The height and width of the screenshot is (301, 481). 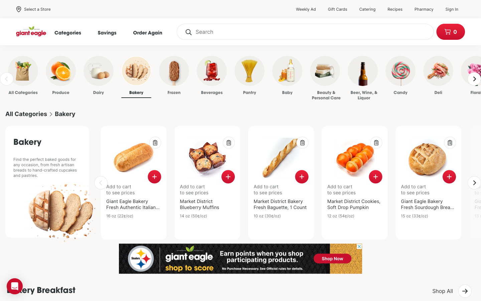 I want to click on Go to the produce categroy page, so click(x=52, y=77).